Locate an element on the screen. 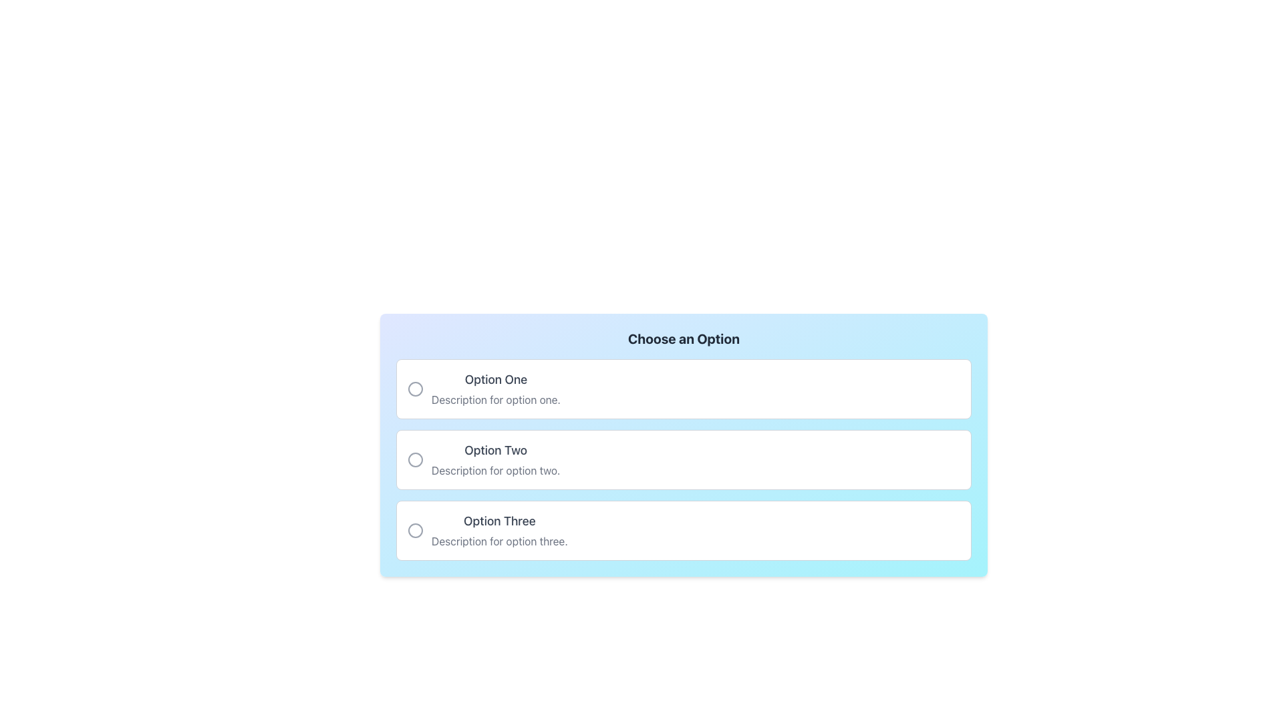 This screenshot has width=1283, height=721. the circular graphical component of the radio button associated with the third option in the vertical list for potential visual feedback is located at coordinates (415, 529).